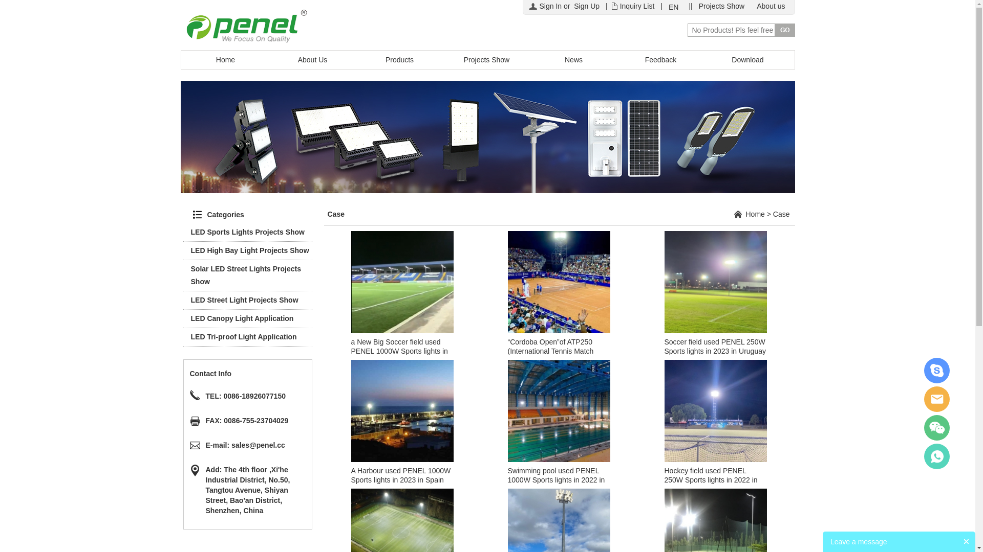  What do you see at coordinates (747, 59) in the screenshot?
I see `'Download'` at bounding box center [747, 59].